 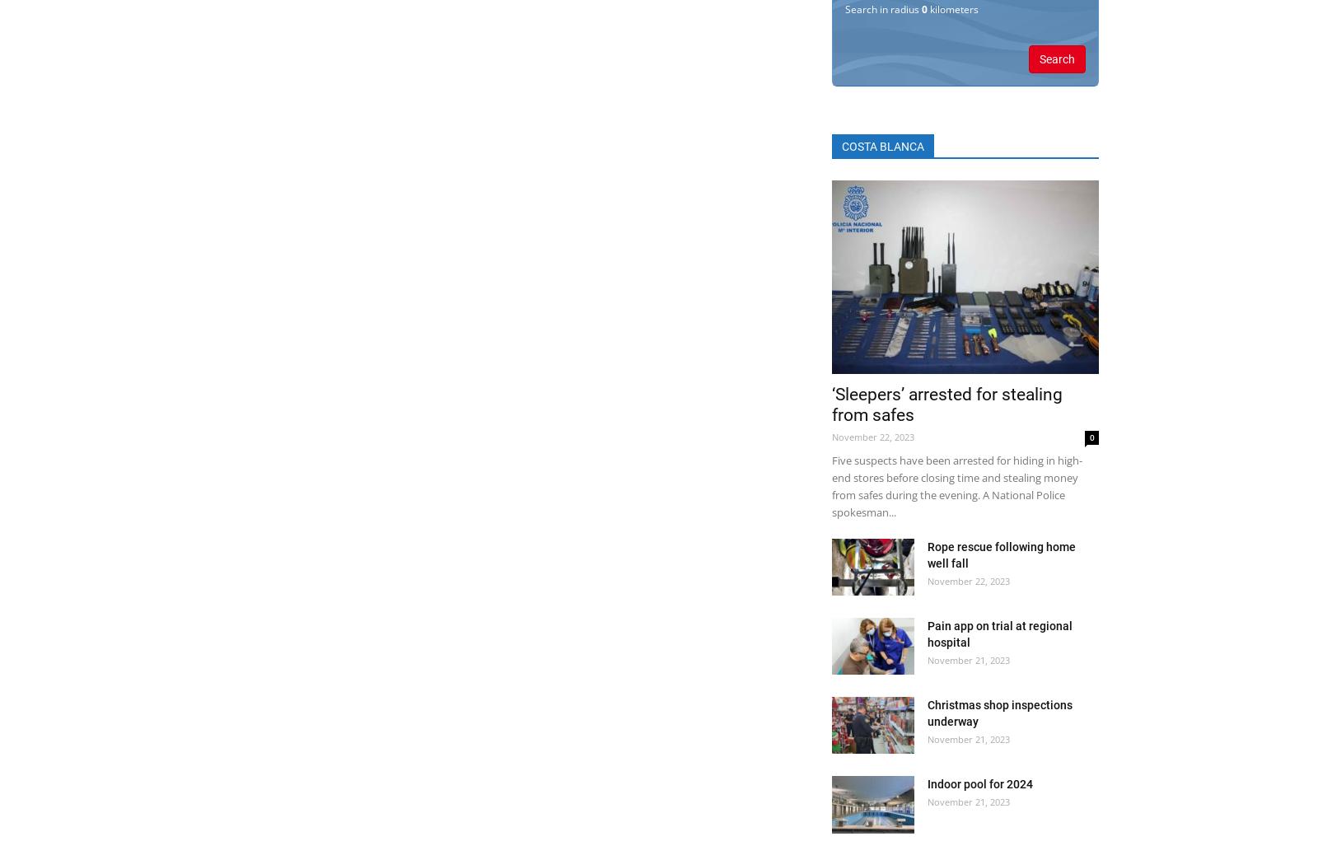 I want to click on 'Pain app on trial at regional hospital', so click(x=999, y=633).